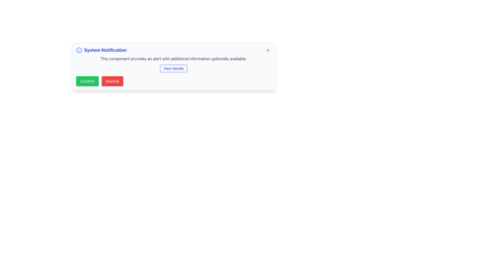  I want to click on the small gray 'X' close button located at the top right corner of the notification panel, so click(268, 50).